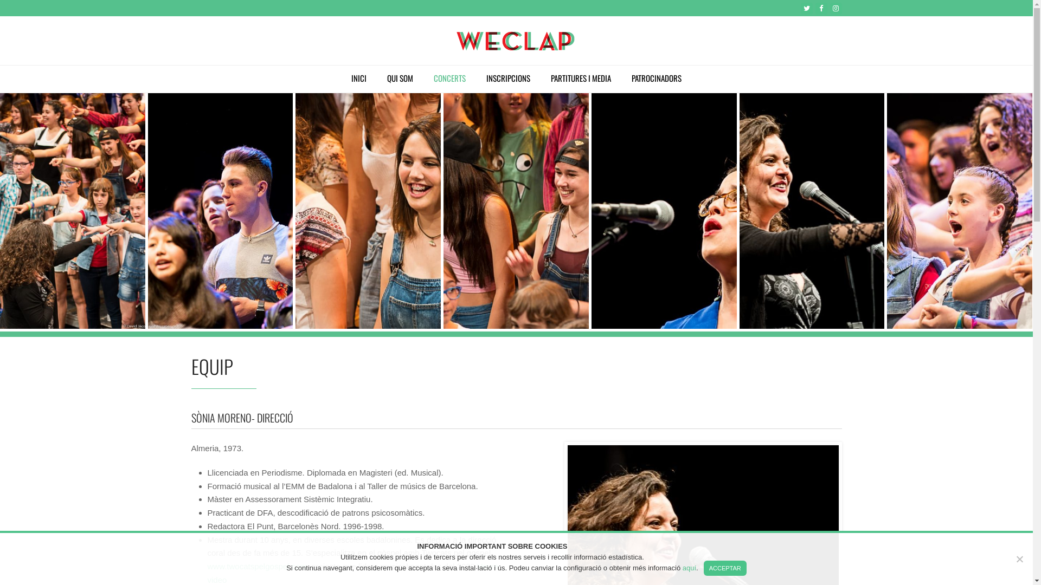  What do you see at coordinates (341, 79) in the screenshot?
I see `'INICI'` at bounding box center [341, 79].